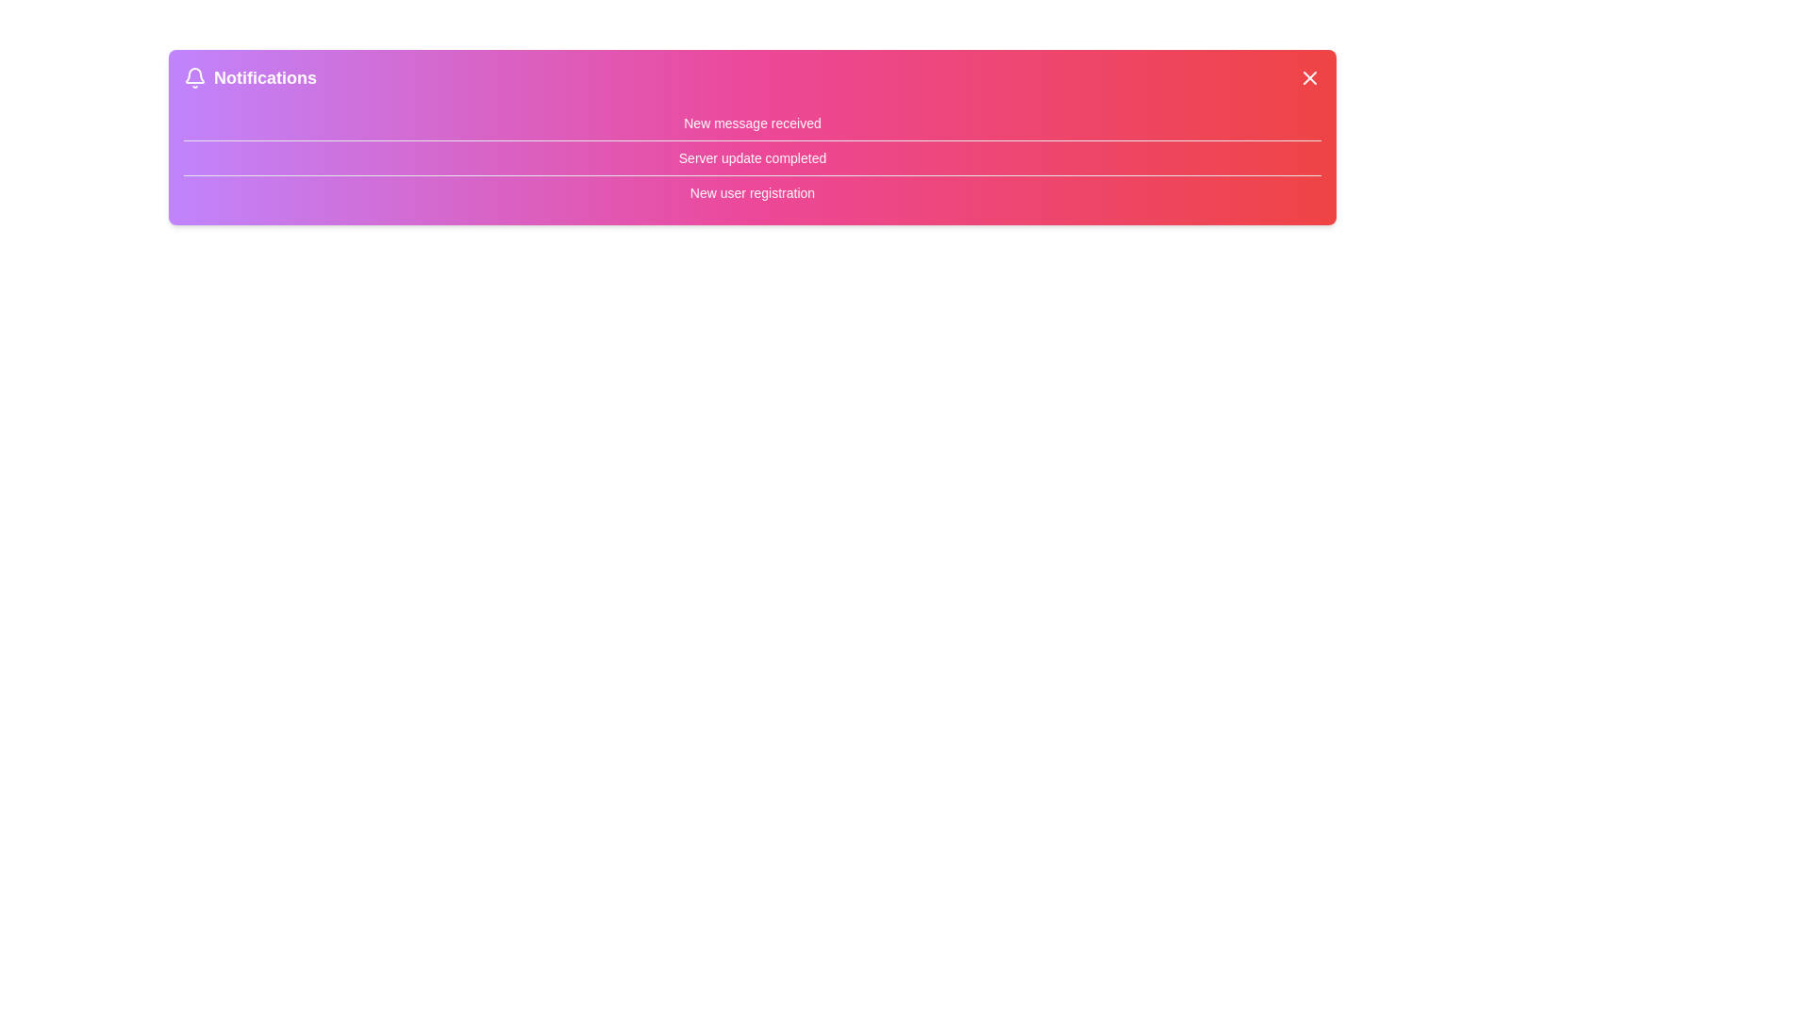 This screenshot has width=1811, height=1018. Describe the element at coordinates (1308, 77) in the screenshot. I see `the close button represented by an 'X' icon inside a red circular button located in the top-right corner of the notification card` at that location.